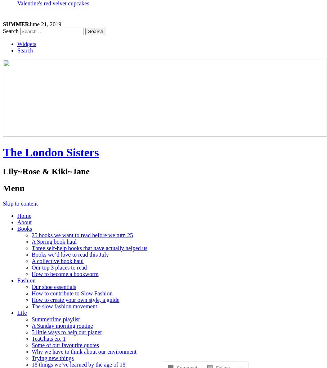  What do you see at coordinates (187, 341) in the screenshot?
I see `'Comment'` at bounding box center [187, 341].